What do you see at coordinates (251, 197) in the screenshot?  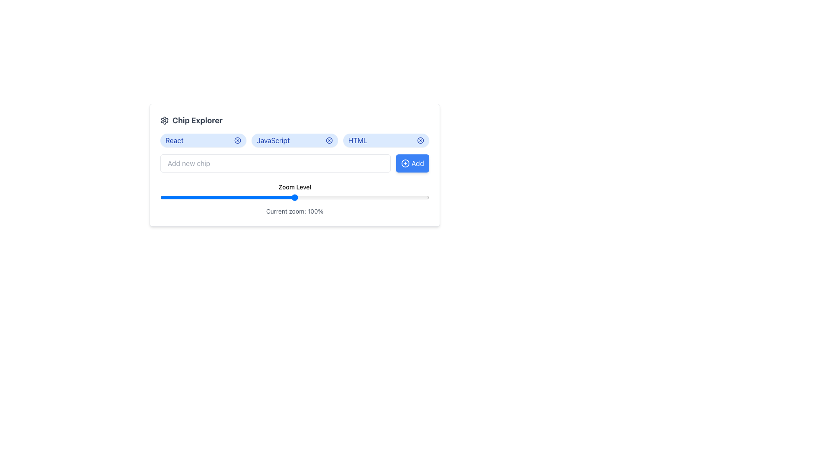 I see `zoom level` at bounding box center [251, 197].